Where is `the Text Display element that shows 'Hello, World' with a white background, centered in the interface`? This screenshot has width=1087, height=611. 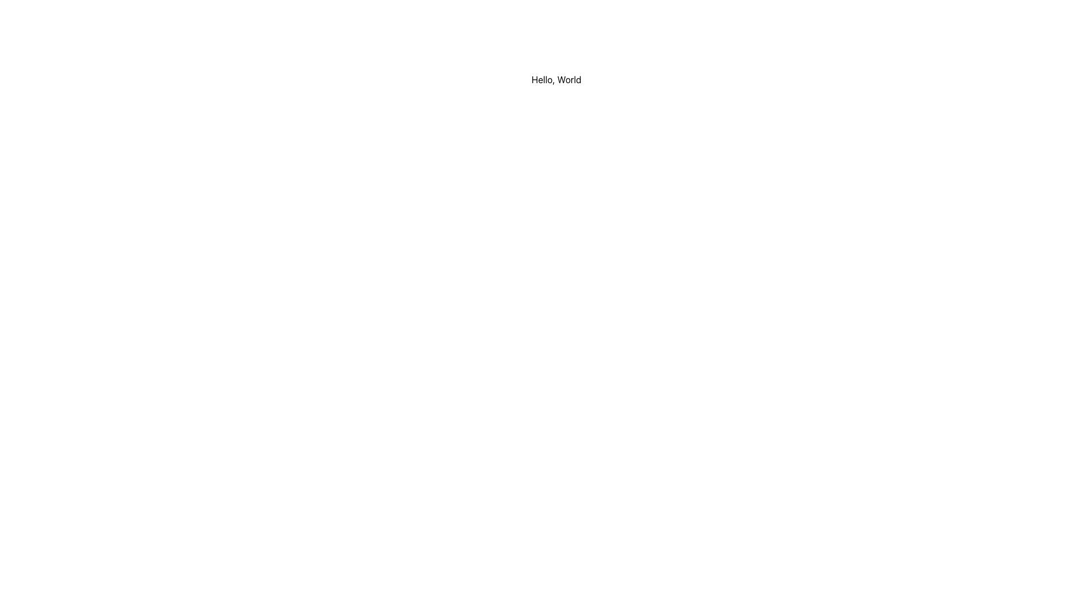
the Text Display element that shows 'Hello, World' with a white background, centered in the interface is located at coordinates (557, 79).